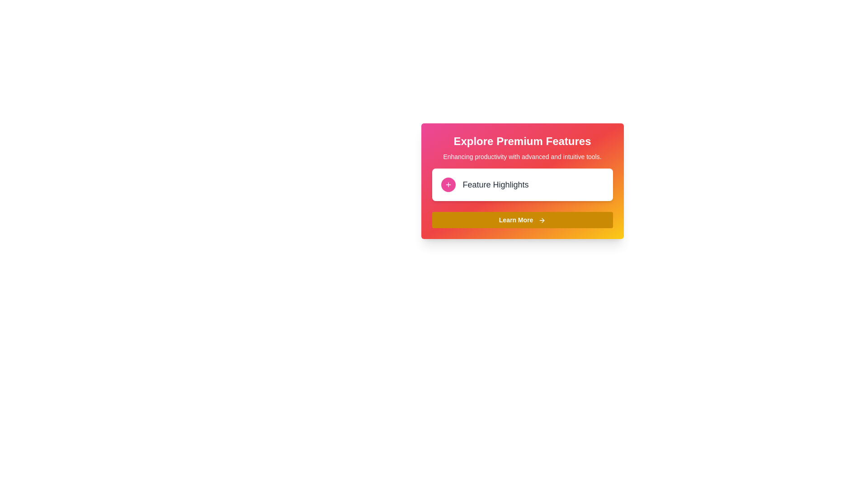  Describe the element at coordinates (522, 220) in the screenshot. I see `the button located at the bottom of the 'Explore Premium Features' card` at that location.